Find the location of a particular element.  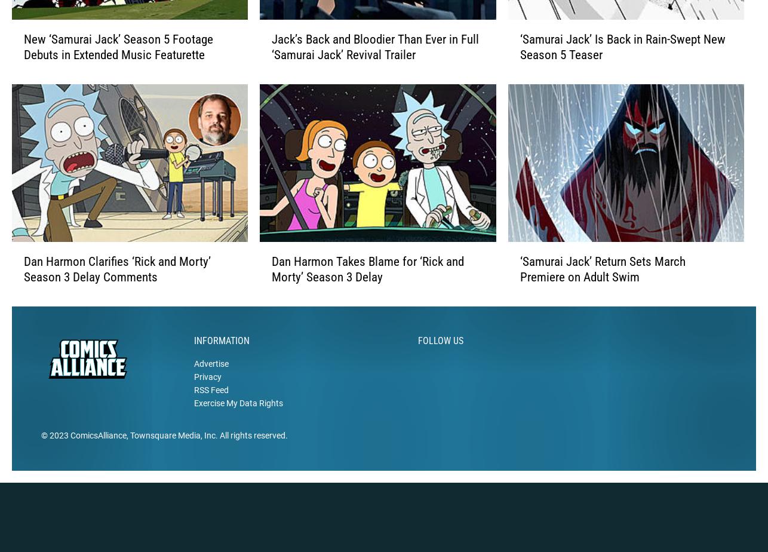

'‘Samurai Jack’ Return Sets March Premiere on Adult Swim' is located at coordinates (601, 288).